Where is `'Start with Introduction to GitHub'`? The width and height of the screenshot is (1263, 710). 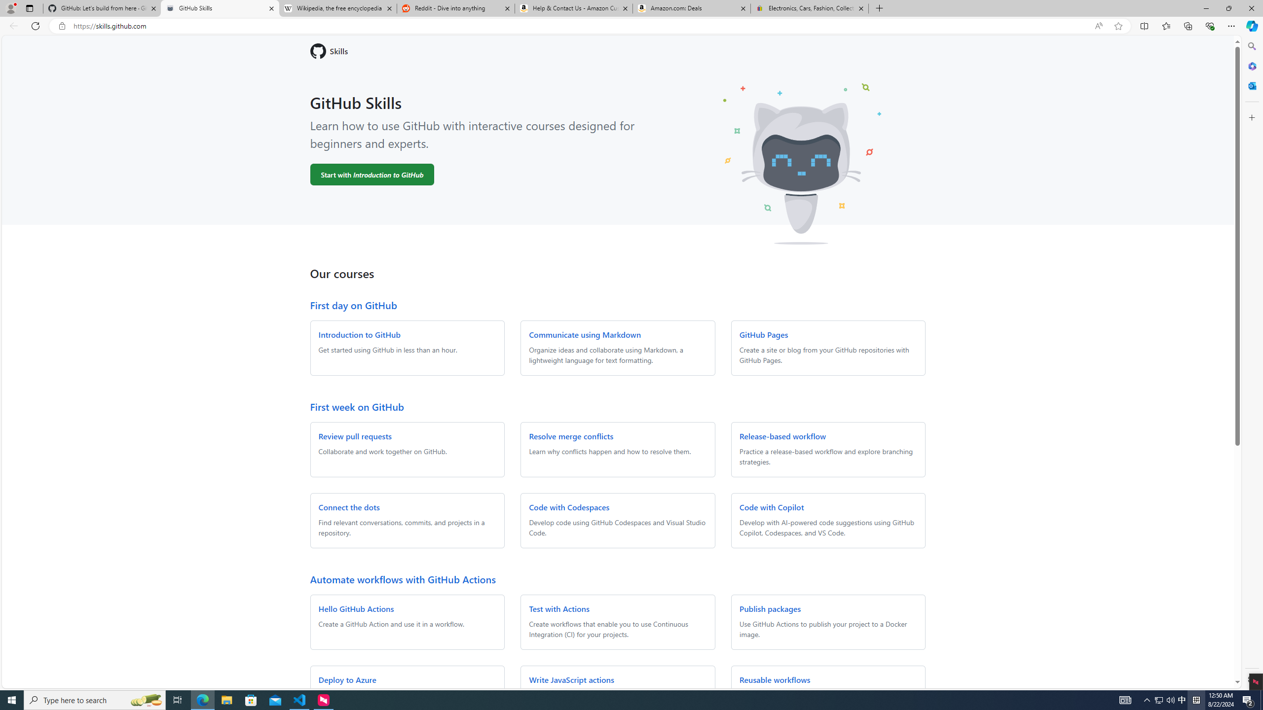
'Start with Introduction to GitHub' is located at coordinates (371, 174).